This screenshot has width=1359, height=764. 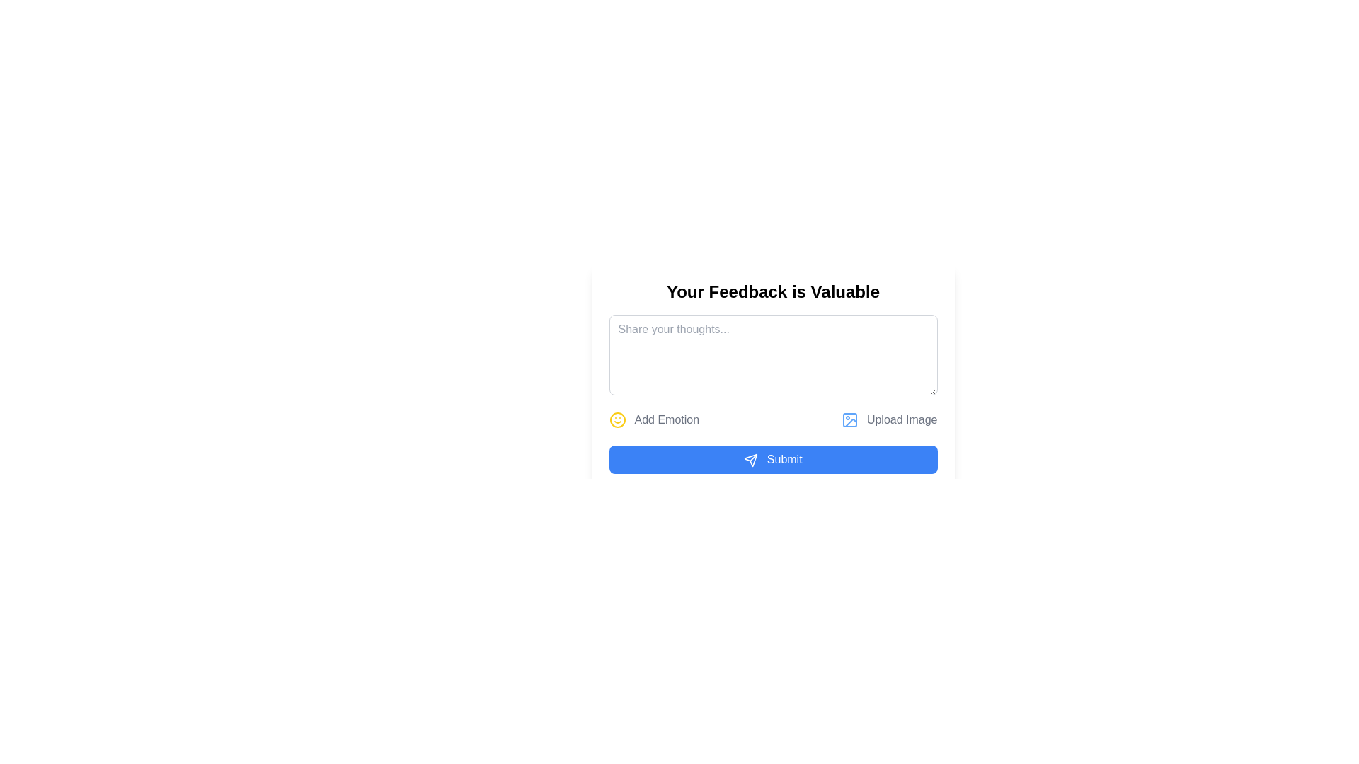 What do you see at coordinates (617, 419) in the screenshot?
I see `the large circular yellow icon in the center of the smiling face graphic located near the Add Emotion button` at bounding box center [617, 419].